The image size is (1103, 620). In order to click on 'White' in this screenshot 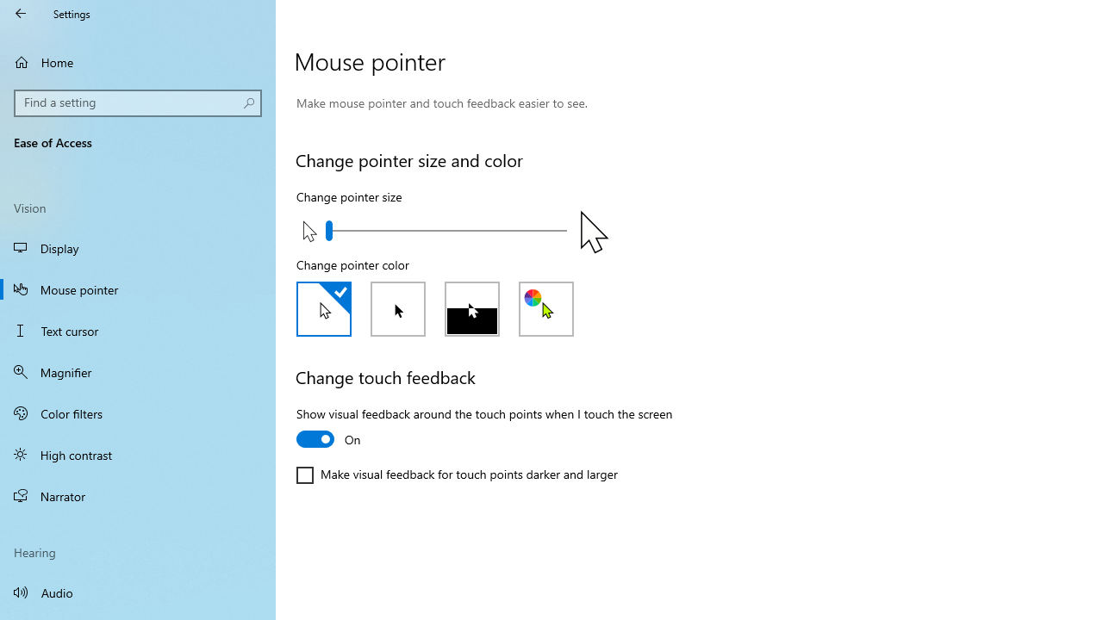, I will do `click(323, 307)`.